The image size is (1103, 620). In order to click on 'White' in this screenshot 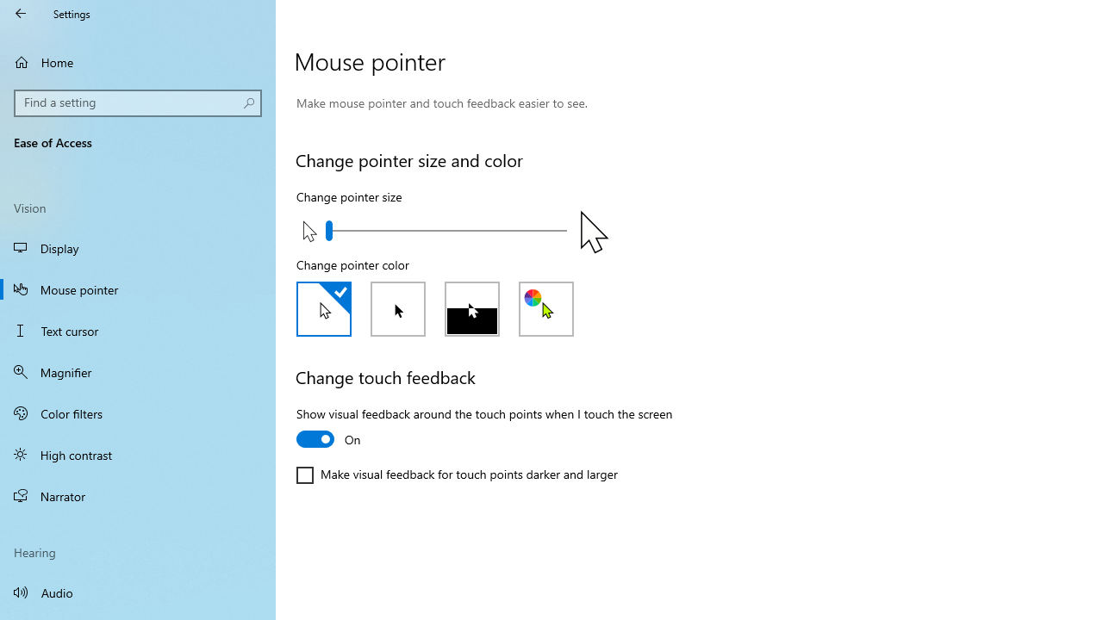, I will do `click(323, 307)`.